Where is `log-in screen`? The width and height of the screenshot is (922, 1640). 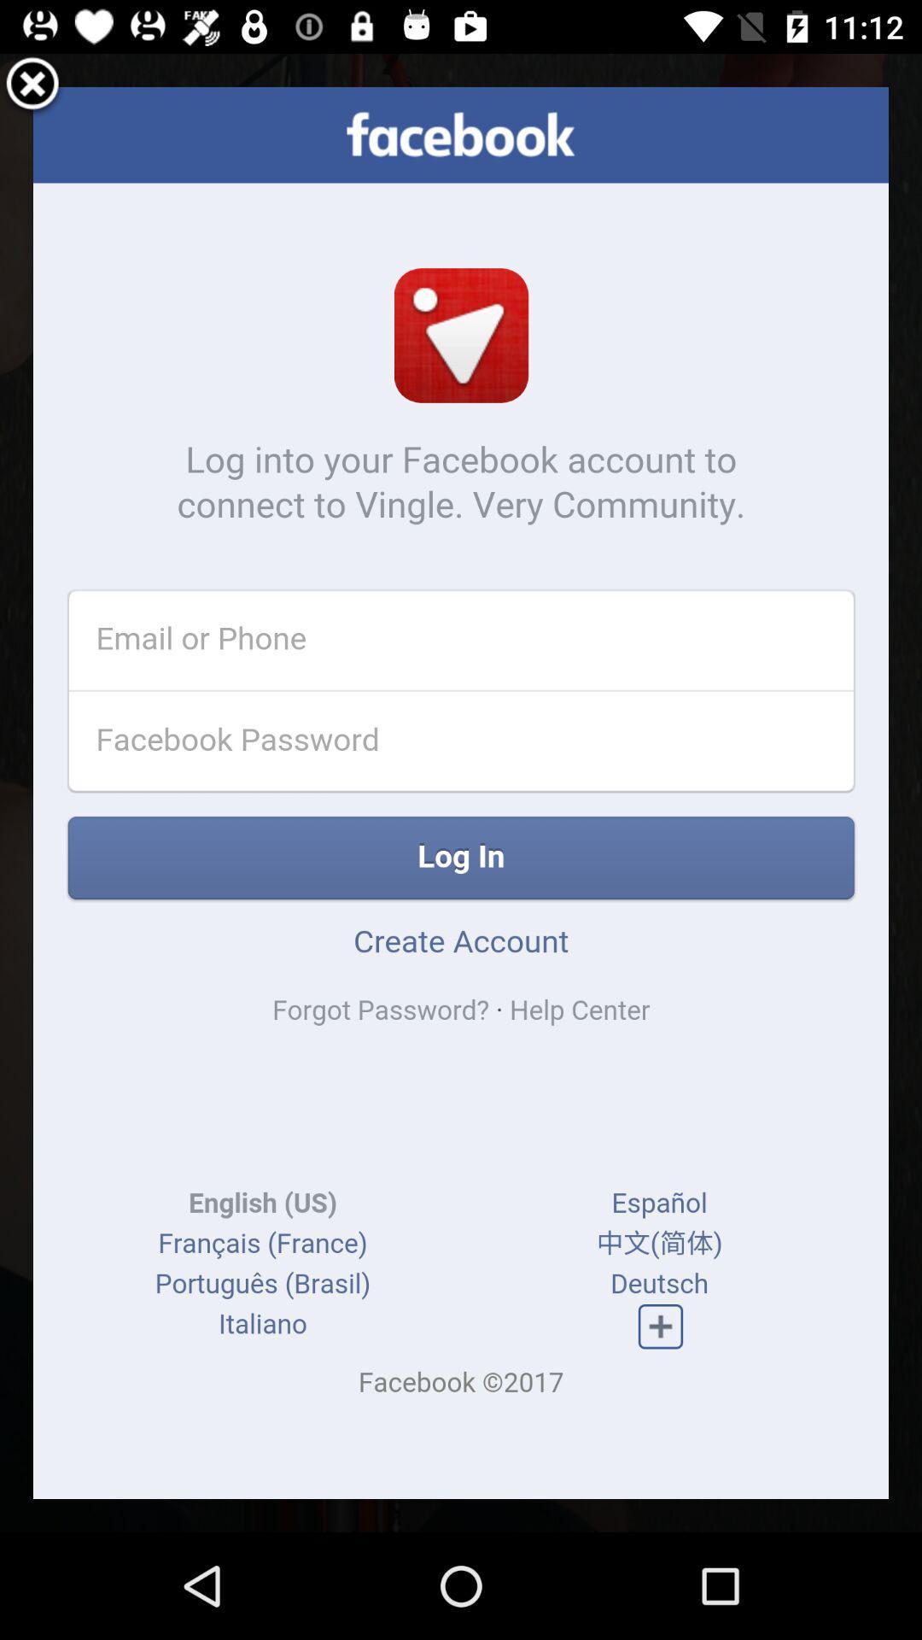
log-in screen is located at coordinates (32, 85).